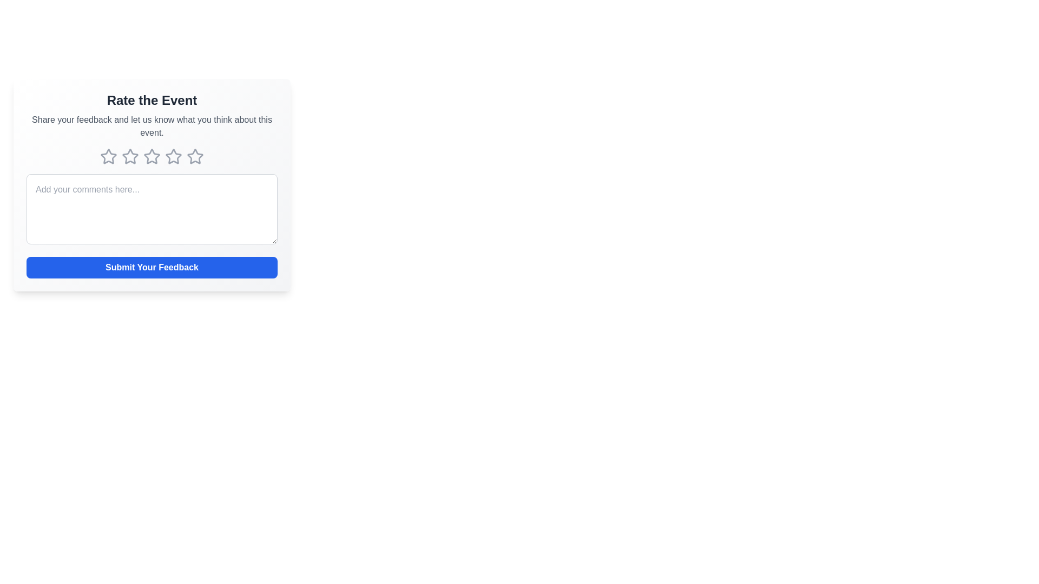 Image resolution: width=1039 pixels, height=584 pixels. What do you see at coordinates (152, 156) in the screenshot?
I see `the third star in the rating system to indicate interest in a rating of 3 out of 5` at bounding box center [152, 156].